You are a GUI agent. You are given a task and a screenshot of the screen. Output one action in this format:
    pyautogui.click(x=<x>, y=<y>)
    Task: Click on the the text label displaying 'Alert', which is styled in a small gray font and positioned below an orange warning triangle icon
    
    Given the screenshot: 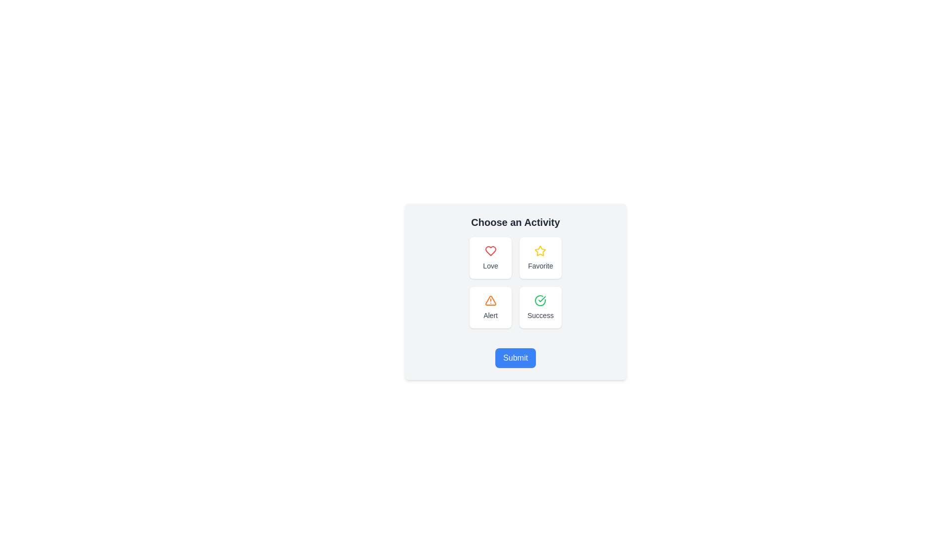 What is the action you would take?
    pyautogui.click(x=490, y=315)
    